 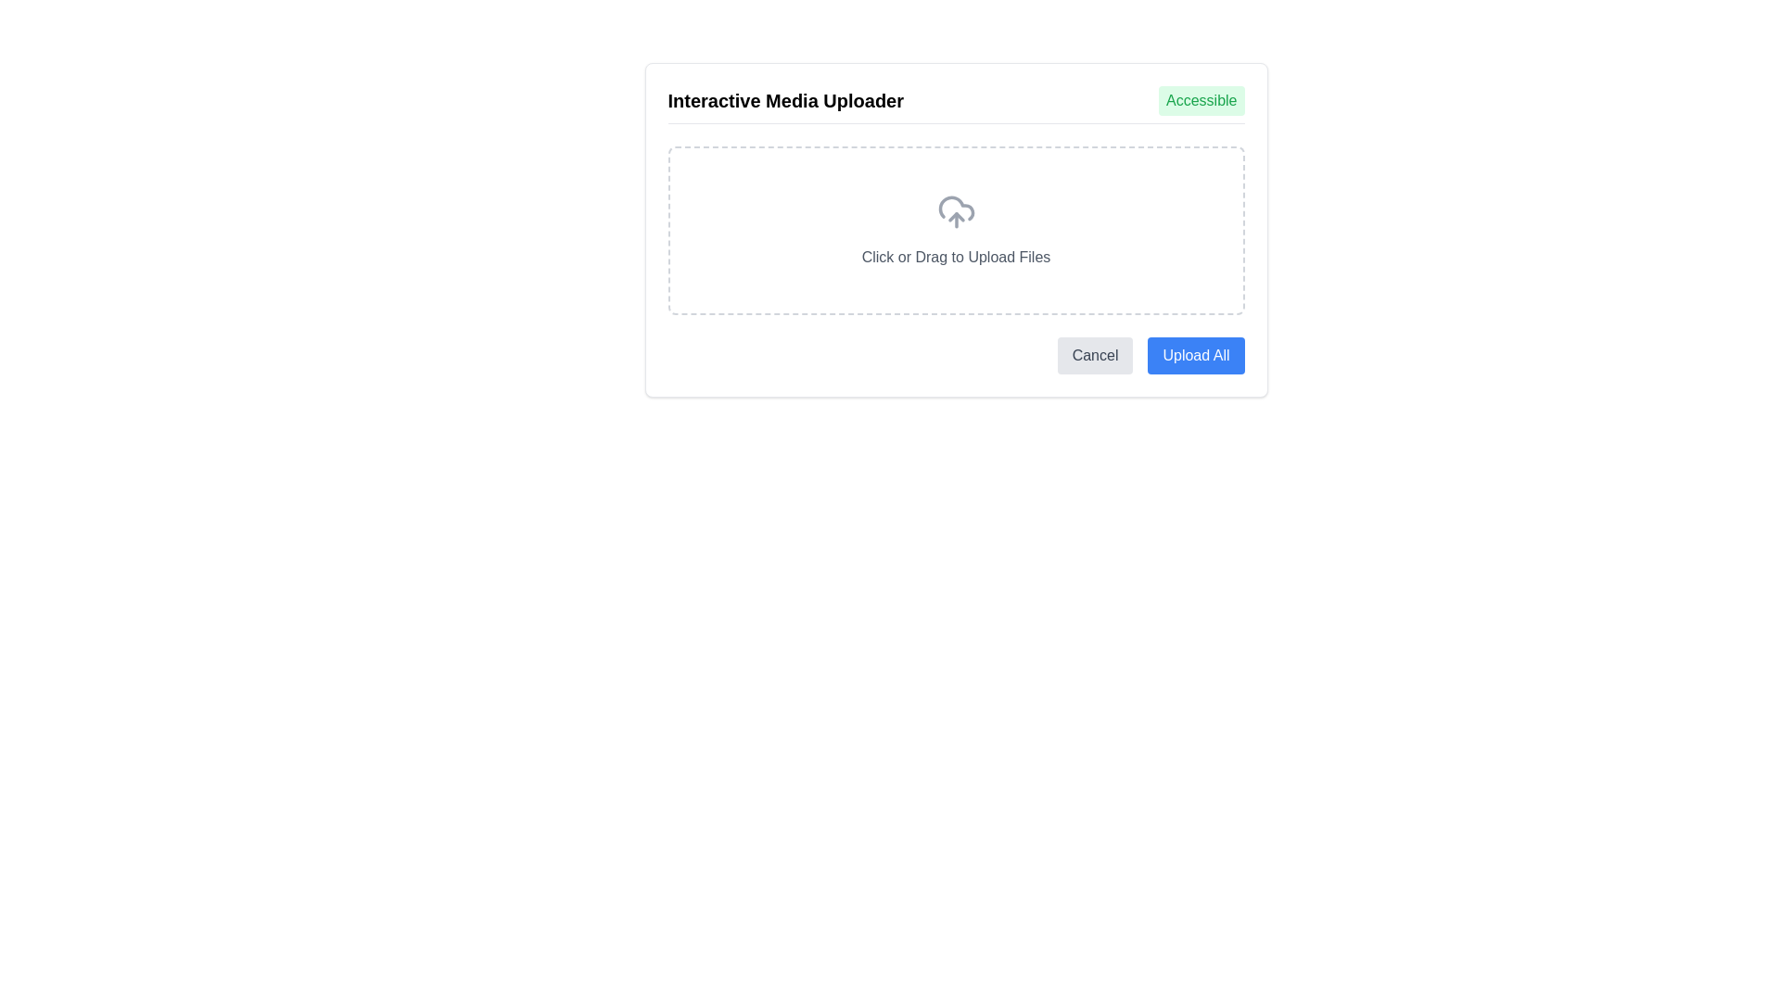 What do you see at coordinates (1095, 356) in the screenshot?
I see `the 'Cancel' button, which is a rectangular button with rounded corners and a light gray background` at bounding box center [1095, 356].